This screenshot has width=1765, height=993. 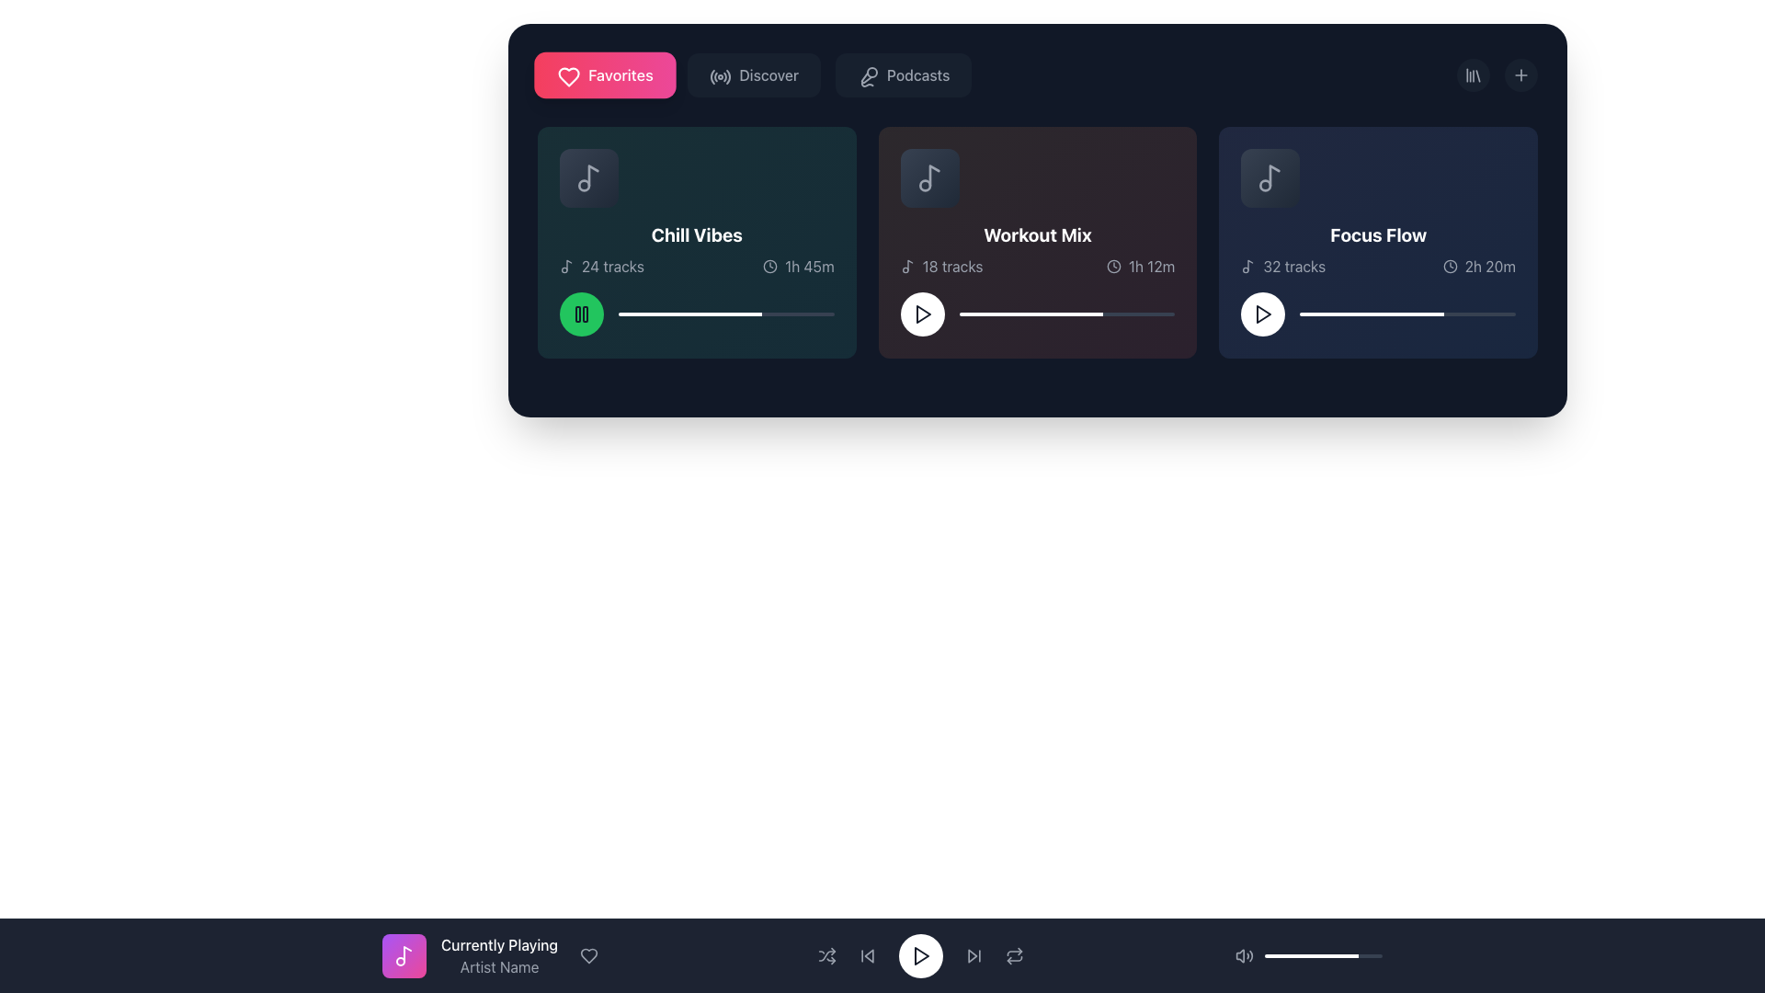 I want to click on the music content icon associated with the 'Focus Flow' music card located in the third column of the music cards area, positioned near the top-left corner of the card, so click(x=1270, y=177).